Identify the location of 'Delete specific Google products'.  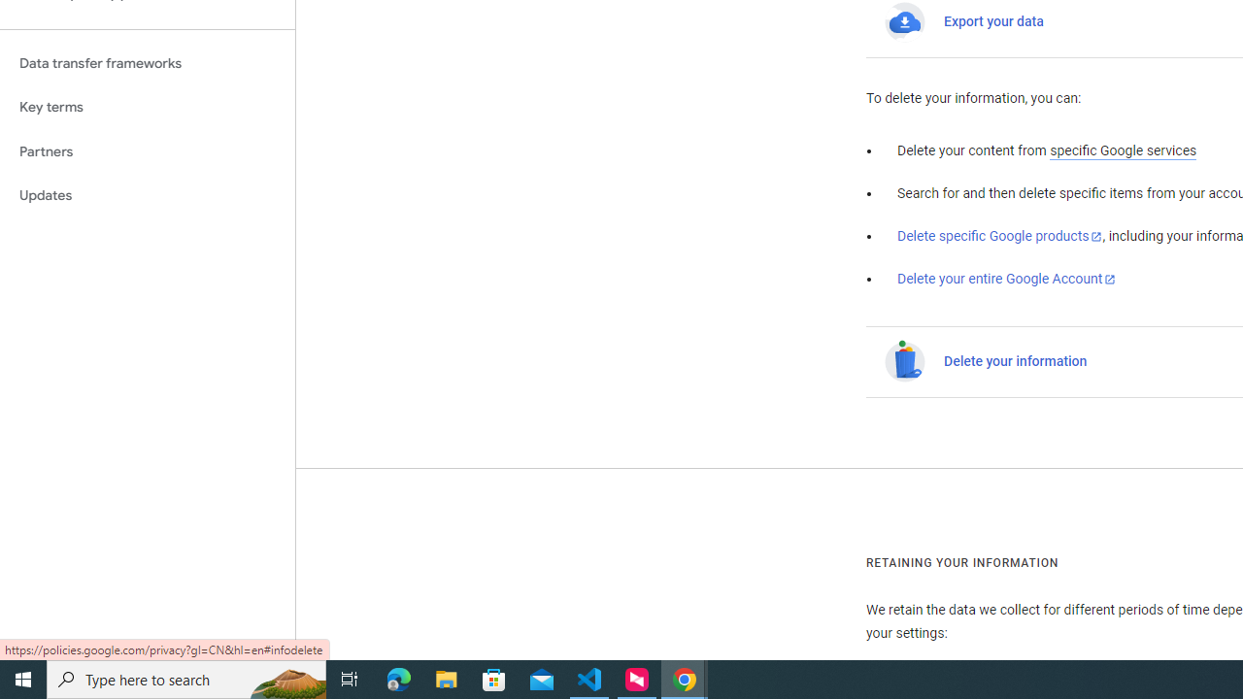
(1000, 235).